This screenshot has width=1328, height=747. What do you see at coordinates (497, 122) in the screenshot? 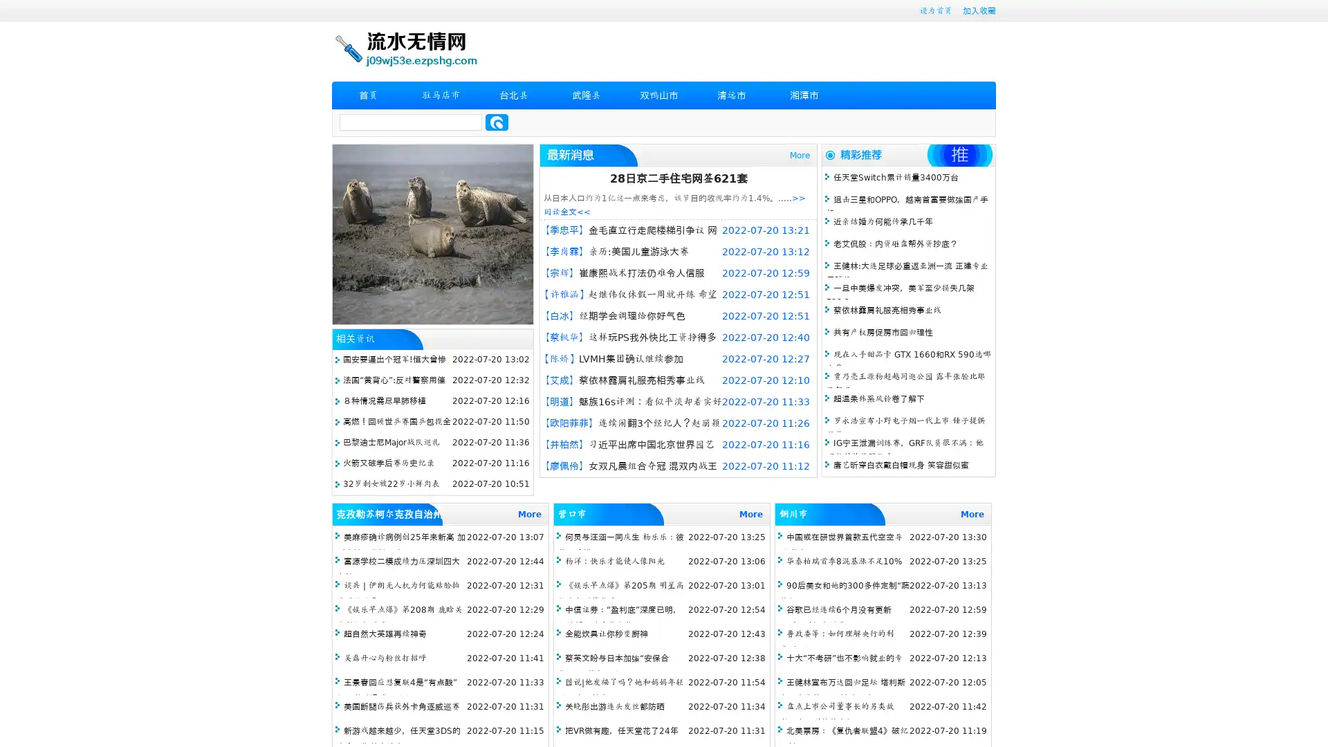
I see `Search` at bounding box center [497, 122].